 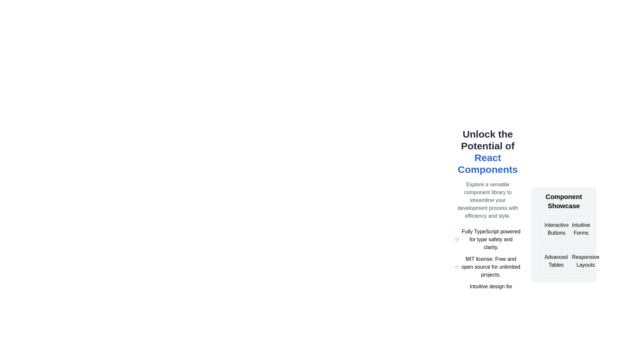 What do you see at coordinates (487, 267) in the screenshot?
I see `descriptive text in the structured list showcasing the advantages of the product or service, located beneath the header 'Unlock the Potential of React Components.'` at bounding box center [487, 267].